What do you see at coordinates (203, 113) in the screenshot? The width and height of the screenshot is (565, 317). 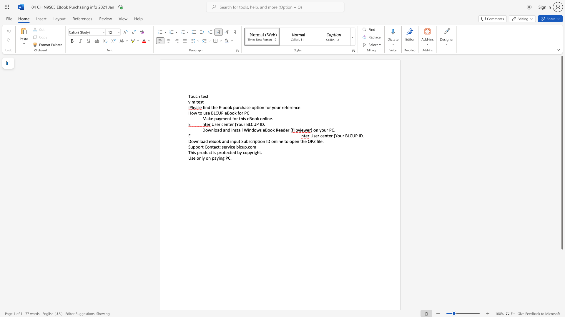 I see `the subset text "use BLCUP eBook for" within the text "How to use BLCUP eBook for PC"` at bounding box center [203, 113].